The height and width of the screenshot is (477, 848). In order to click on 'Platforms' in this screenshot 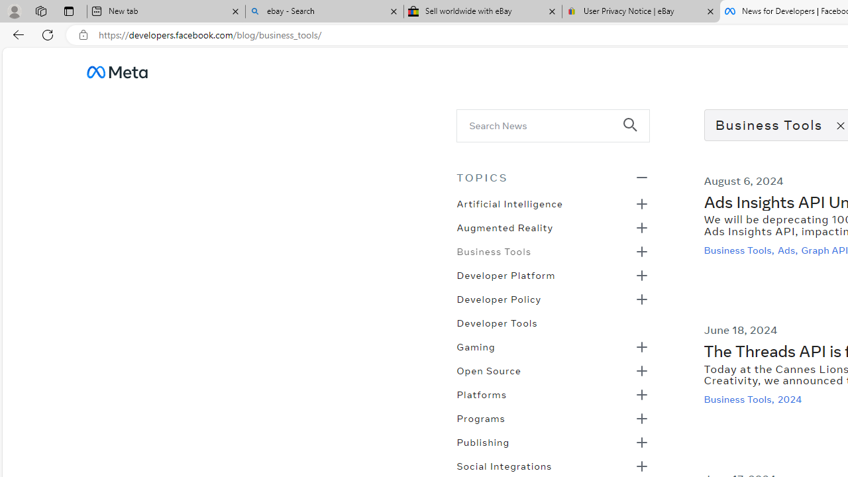, I will do `click(481, 393)`.